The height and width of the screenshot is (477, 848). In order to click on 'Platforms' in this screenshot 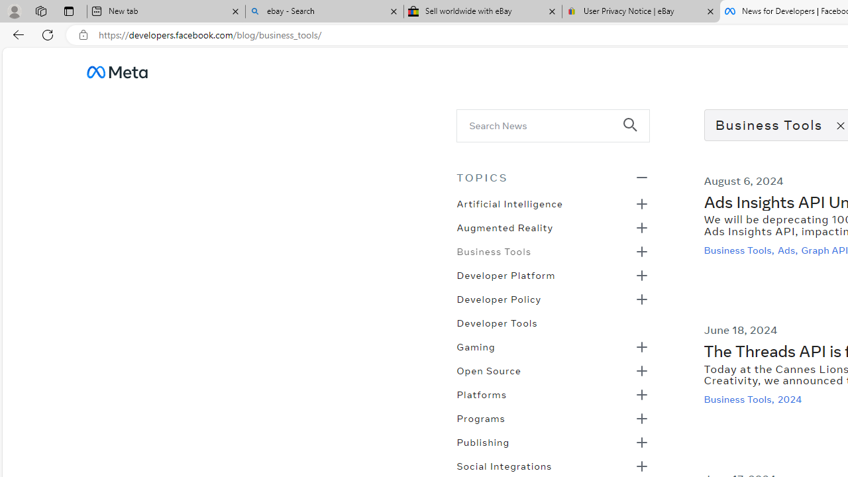, I will do `click(481, 393)`.